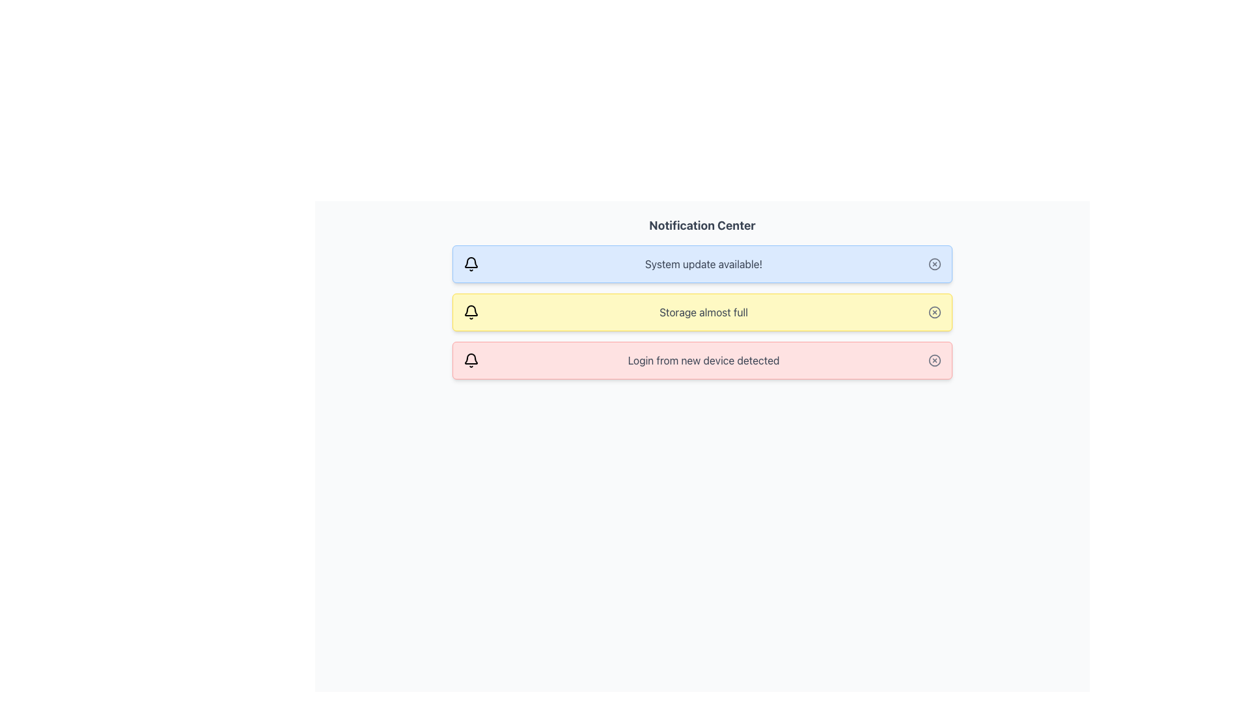 Image resolution: width=1250 pixels, height=703 pixels. What do you see at coordinates (702, 312) in the screenshot?
I see `the text label which displays the notification message 'Storage almost full' located in the middle notification box` at bounding box center [702, 312].